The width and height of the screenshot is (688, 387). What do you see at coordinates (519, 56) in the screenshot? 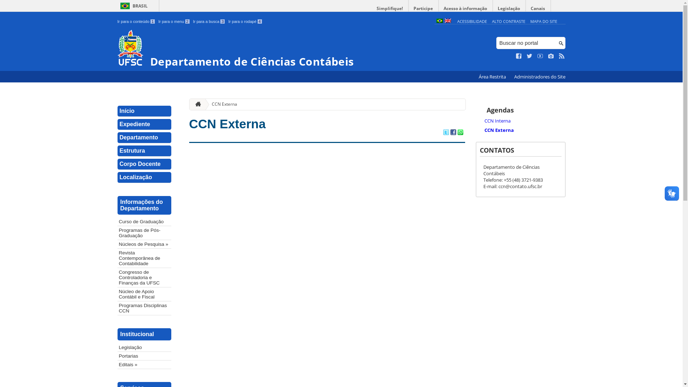
I see `'Curta no Facebook'` at bounding box center [519, 56].